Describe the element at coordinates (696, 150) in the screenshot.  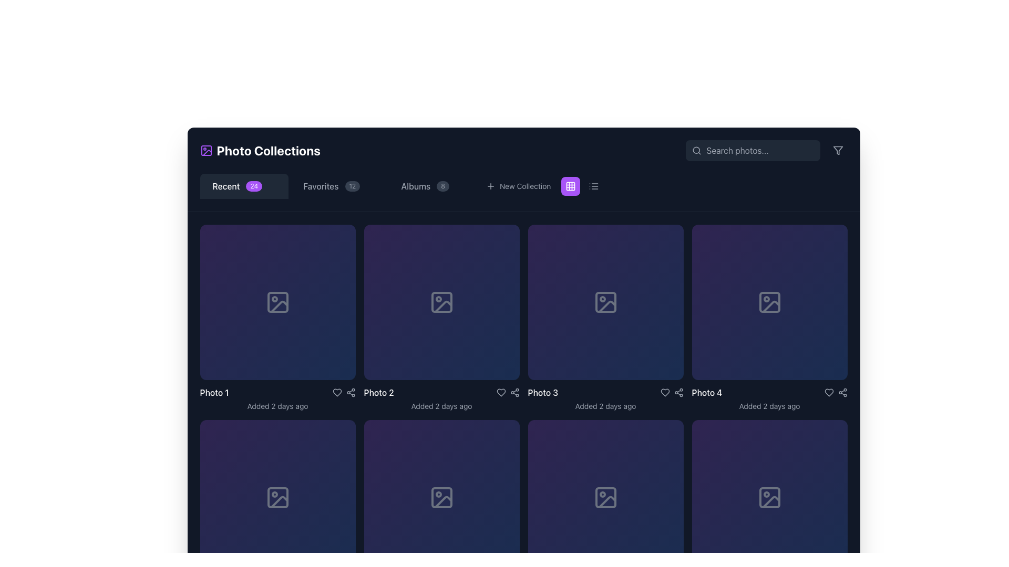
I see `the search icon located in the top-right corner of the interface, immediately to the left of the text input field` at that location.